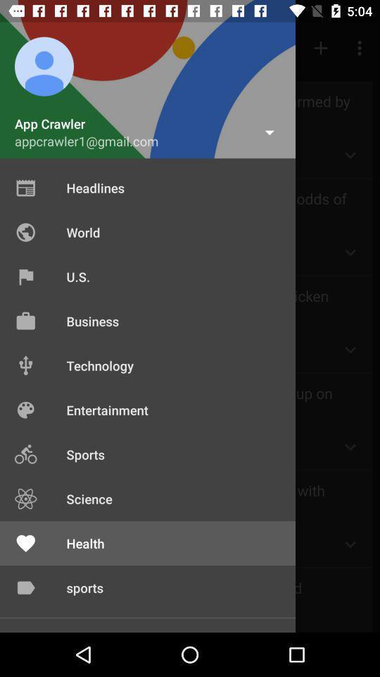  Describe the element at coordinates (349, 446) in the screenshot. I see `the expand_more icon` at that location.